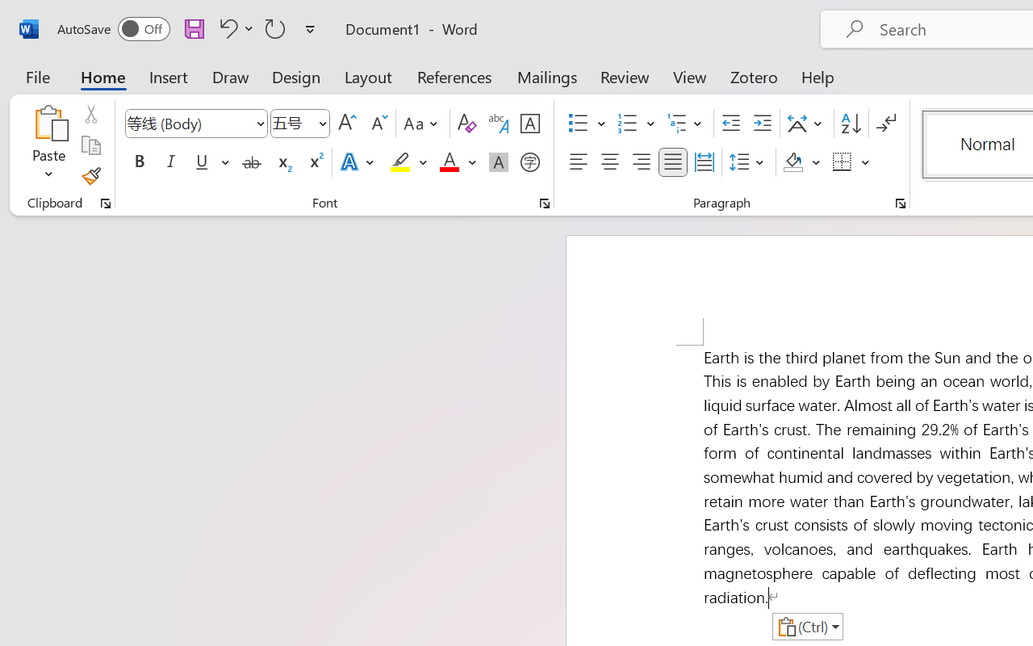 This screenshot has width=1033, height=646. I want to click on 'Subscript', so click(282, 162).